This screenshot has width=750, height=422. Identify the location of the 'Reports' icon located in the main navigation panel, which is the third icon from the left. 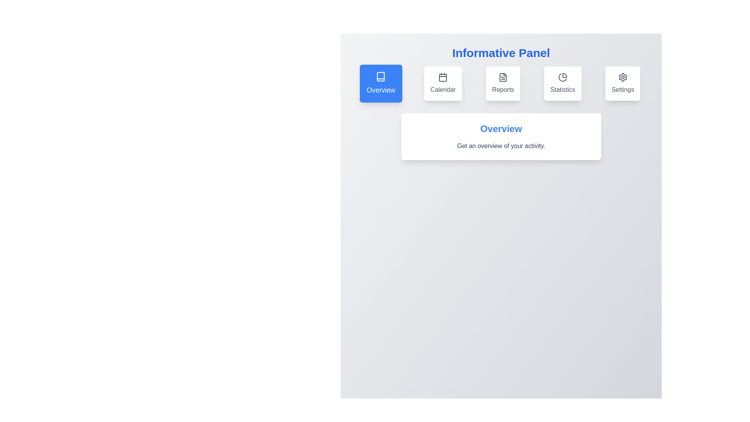
(503, 77).